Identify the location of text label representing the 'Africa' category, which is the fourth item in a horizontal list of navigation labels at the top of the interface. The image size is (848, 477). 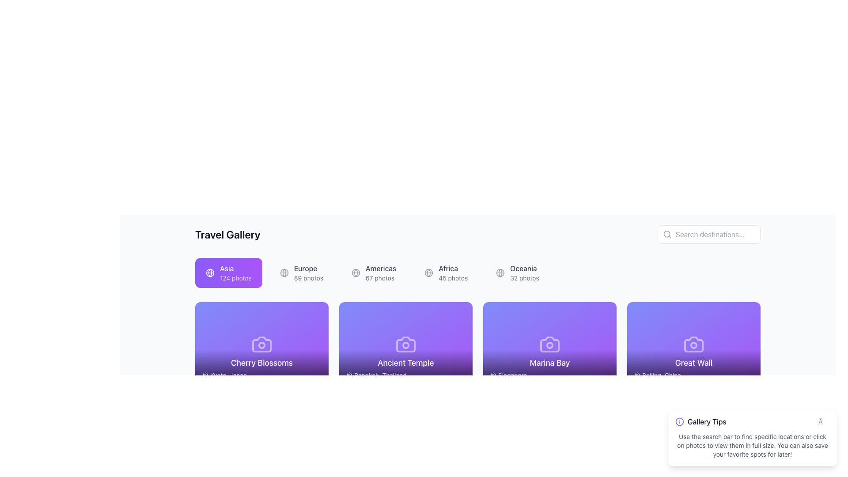
(453, 268).